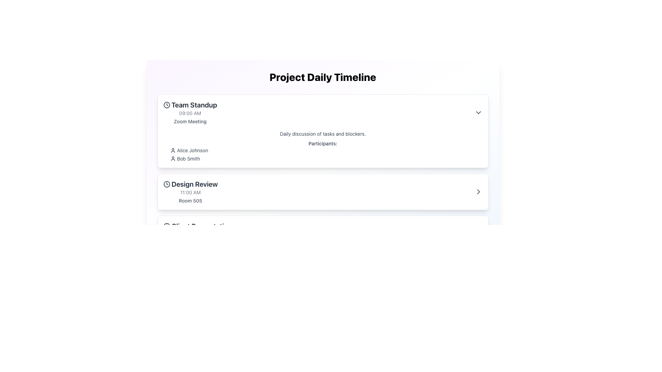 This screenshot has width=662, height=372. Describe the element at coordinates (190, 184) in the screenshot. I see `text 'Design Review' which is styled in a large bold font and is the primary title of the section, located centered within a card interface` at that location.